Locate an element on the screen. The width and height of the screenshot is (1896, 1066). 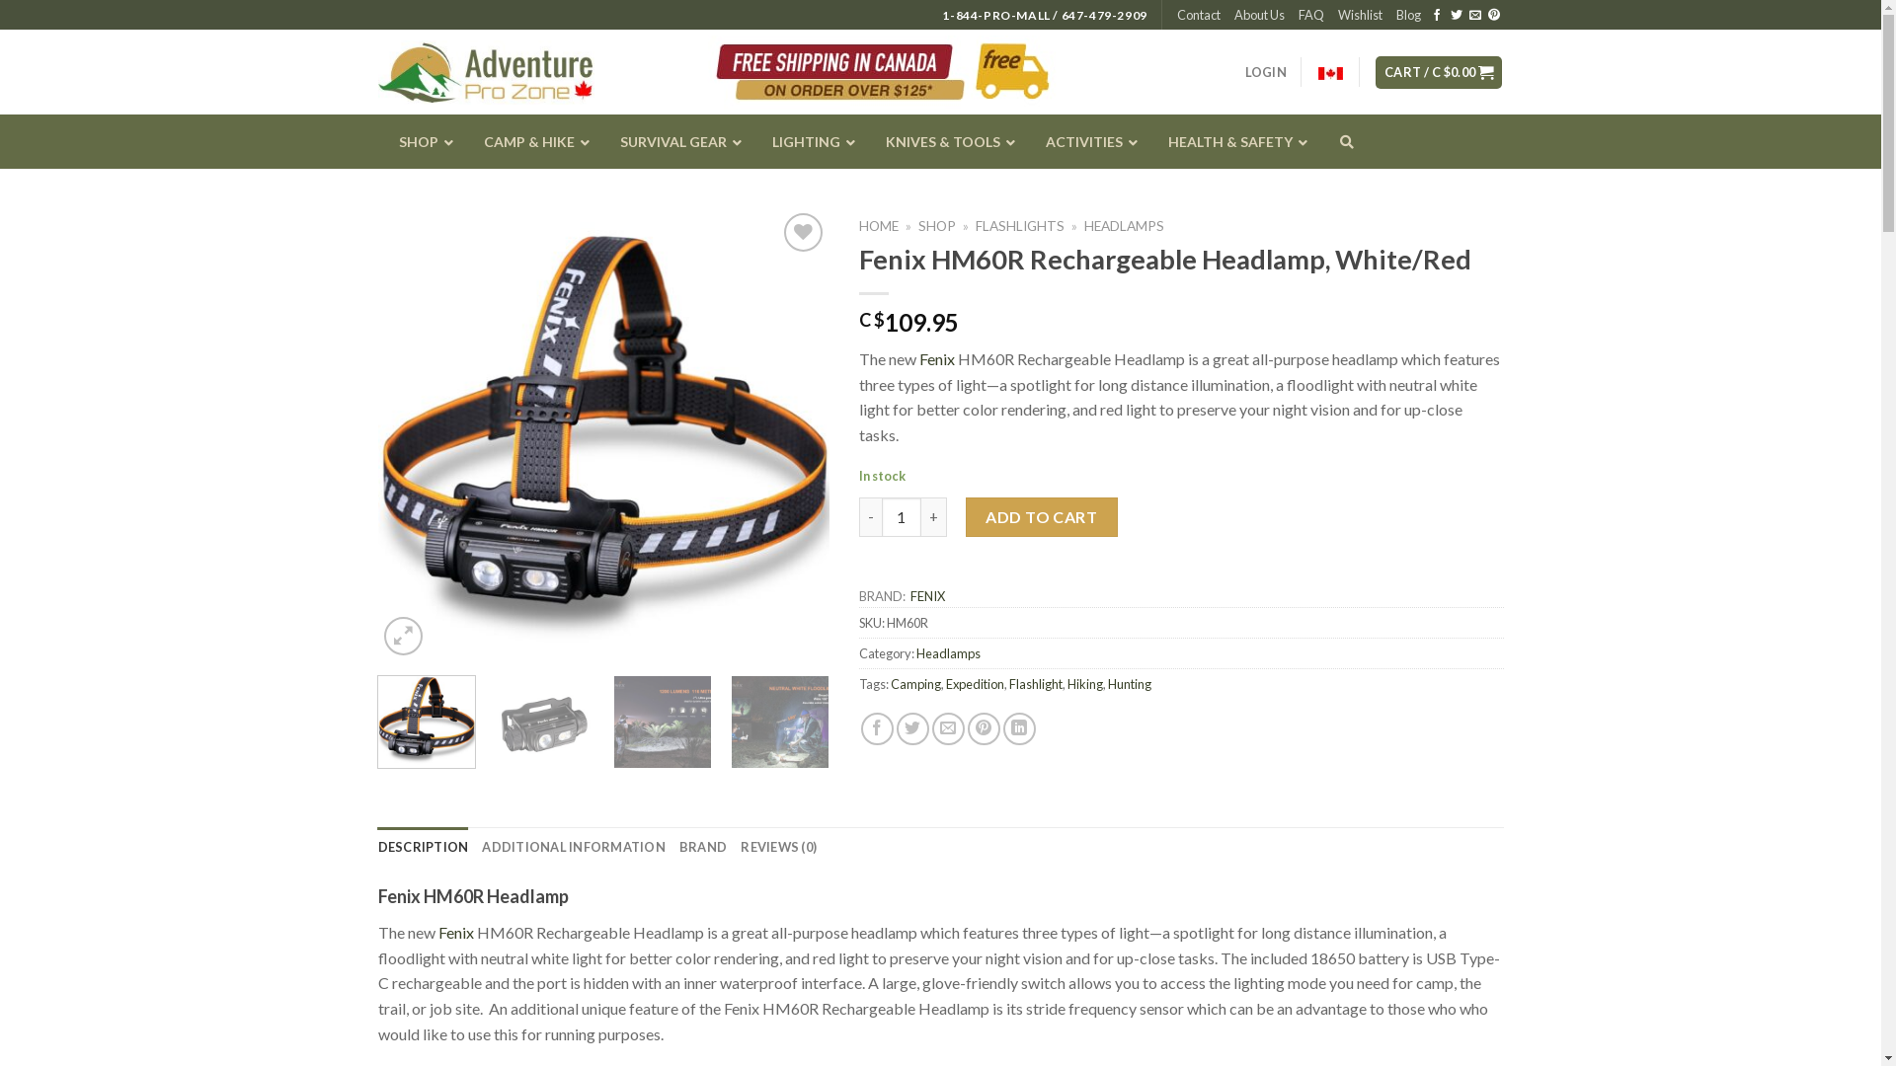
'BRAND' is located at coordinates (702, 845).